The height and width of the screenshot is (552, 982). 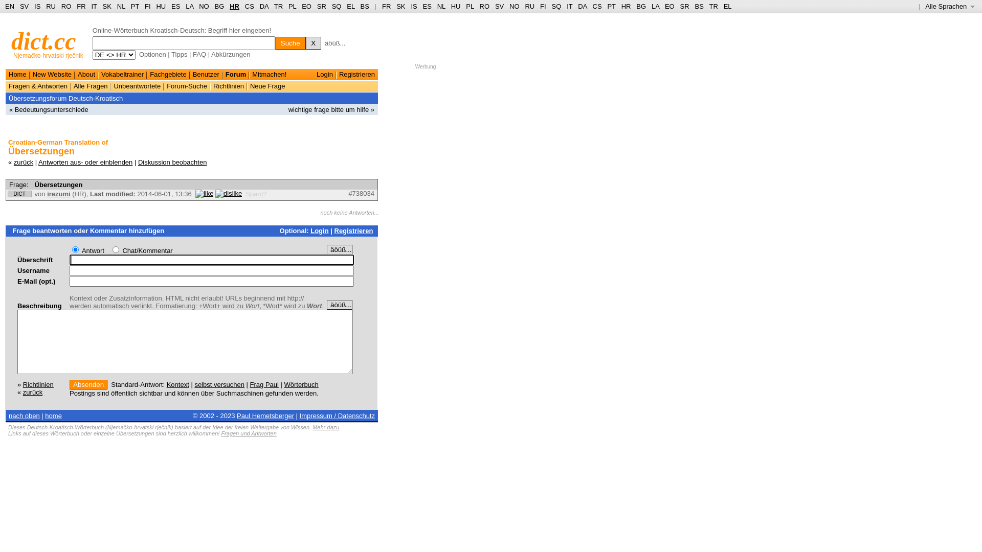 What do you see at coordinates (269, 74) in the screenshot?
I see `'Mitmachen!'` at bounding box center [269, 74].